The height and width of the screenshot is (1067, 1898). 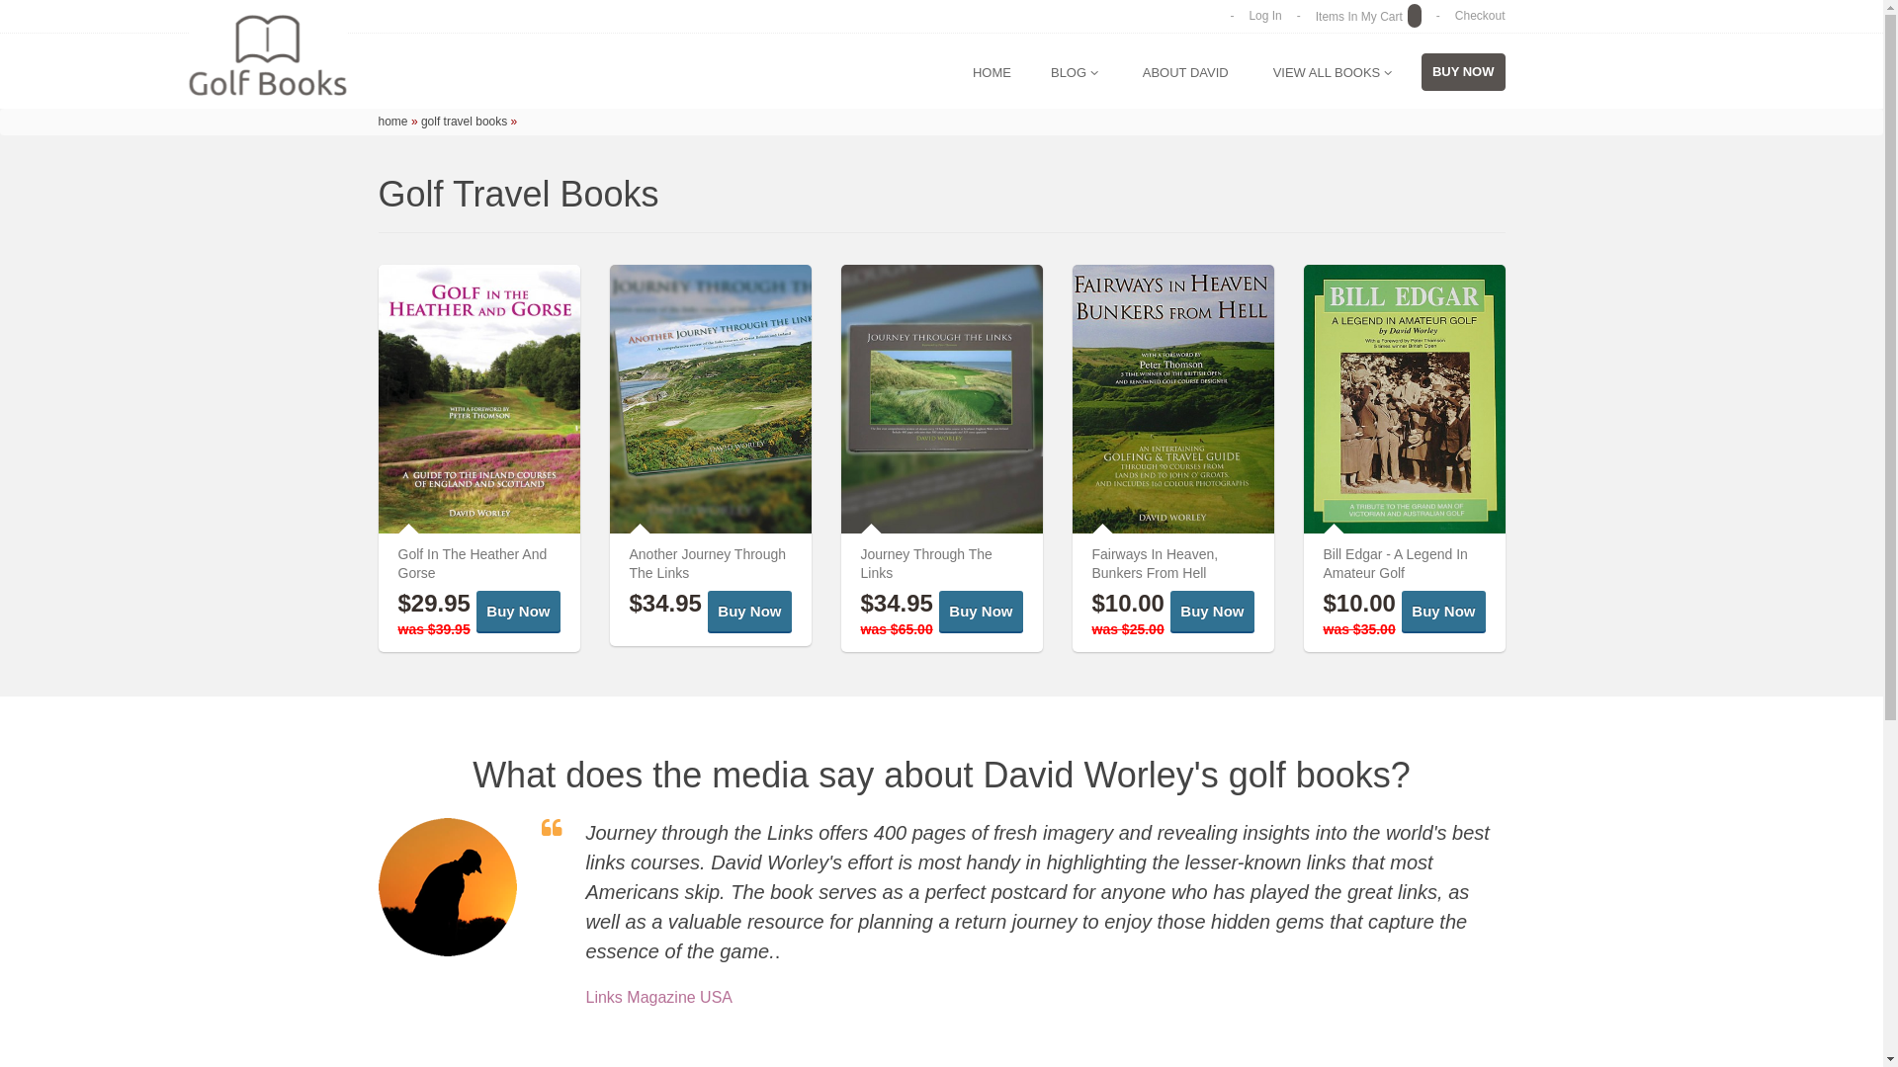 What do you see at coordinates (1185, 71) in the screenshot?
I see `'ABOUT DAVID'` at bounding box center [1185, 71].